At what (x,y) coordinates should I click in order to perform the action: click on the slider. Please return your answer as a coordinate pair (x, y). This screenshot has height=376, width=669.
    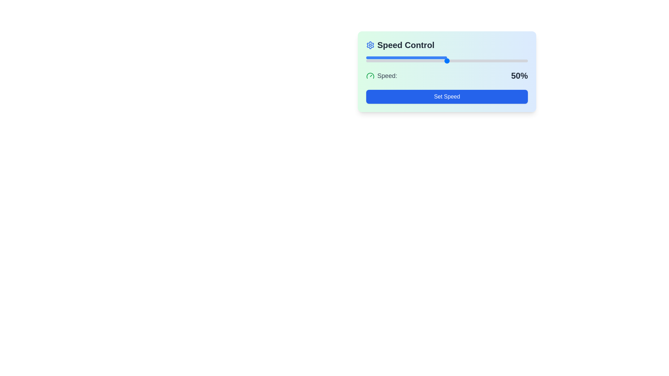
    Looking at the image, I should click on (437, 60).